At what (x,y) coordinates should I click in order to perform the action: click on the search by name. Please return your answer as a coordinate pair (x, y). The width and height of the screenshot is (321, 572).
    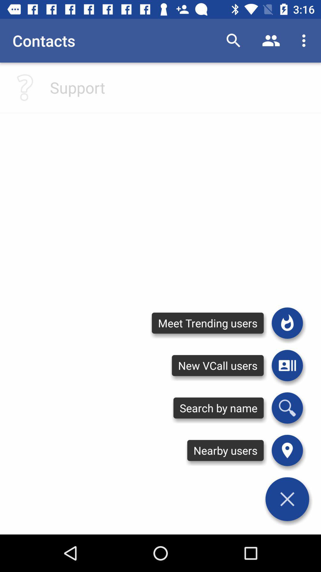
    Looking at the image, I should click on (218, 408).